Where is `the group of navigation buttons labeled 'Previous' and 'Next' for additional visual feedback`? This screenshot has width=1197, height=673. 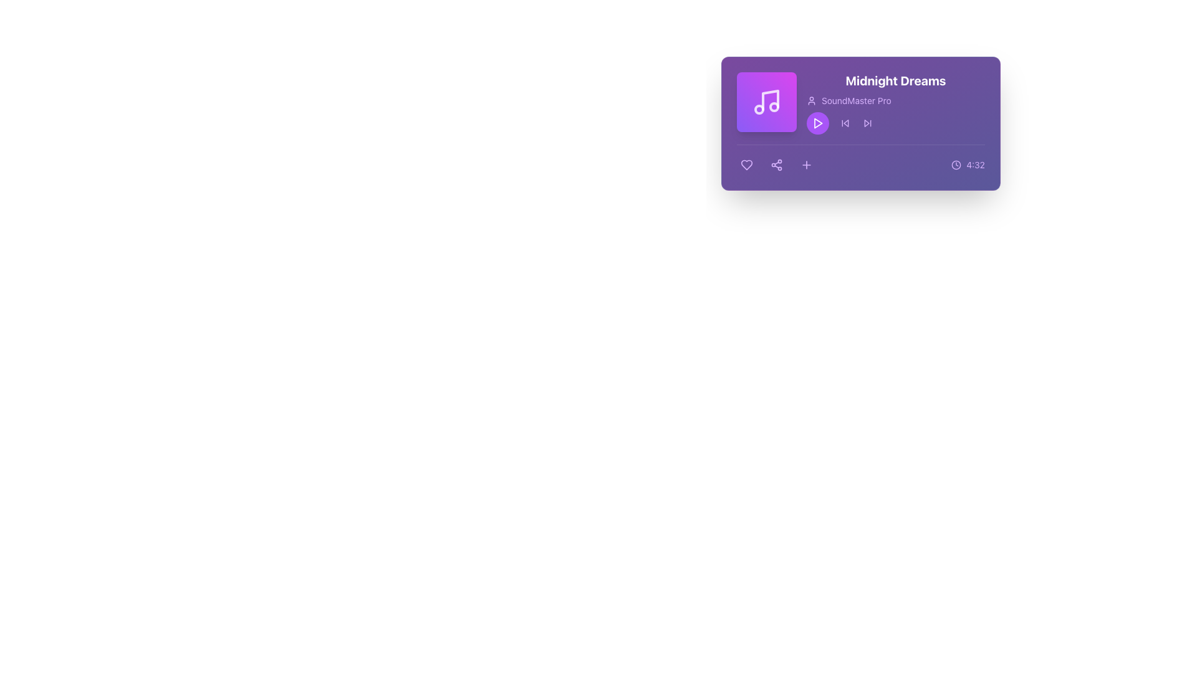 the group of navigation buttons labeled 'Previous' and 'Next' for additional visual feedback is located at coordinates (855, 123).